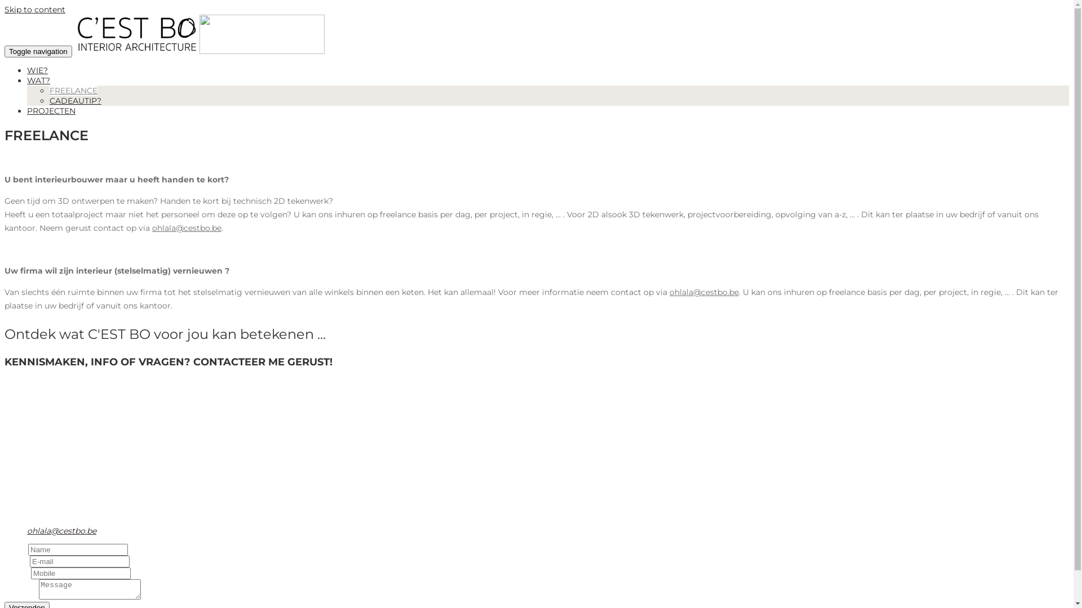  I want to click on 'WAT?', so click(38, 79).